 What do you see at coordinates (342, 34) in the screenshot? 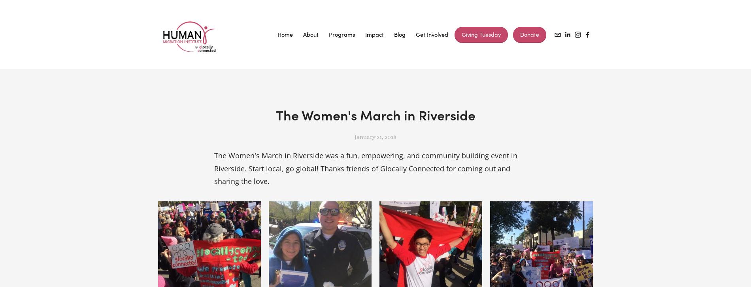
I see `'Programs'` at bounding box center [342, 34].